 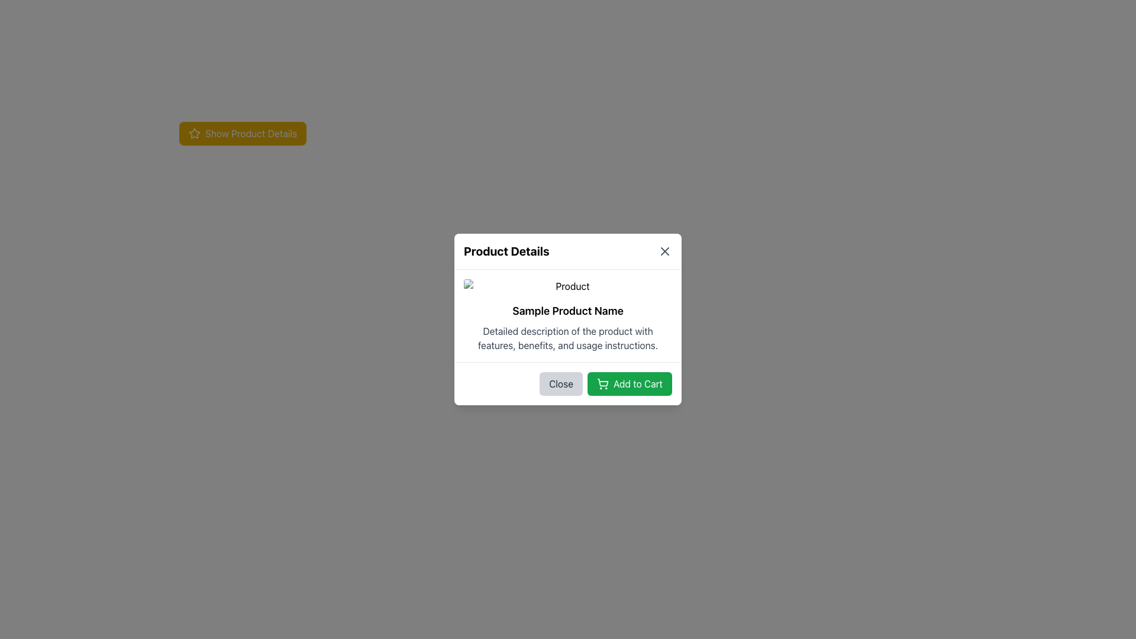 I want to click on the shopping cart icon located at the bottom-right corner of the modal dialog box, so click(x=602, y=382).